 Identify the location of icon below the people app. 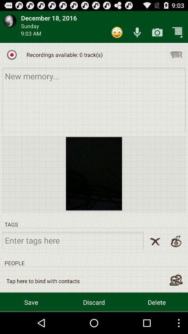
(43, 281).